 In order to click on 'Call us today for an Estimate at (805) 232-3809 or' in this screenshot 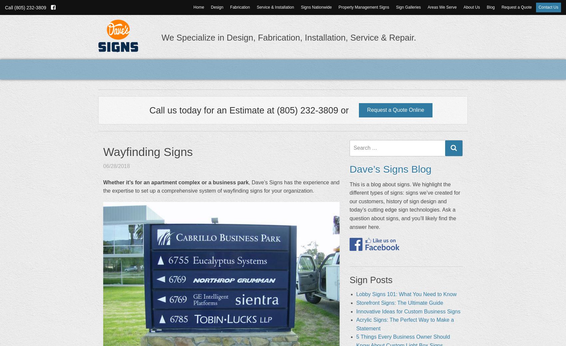, I will do `click(248, 110)`.